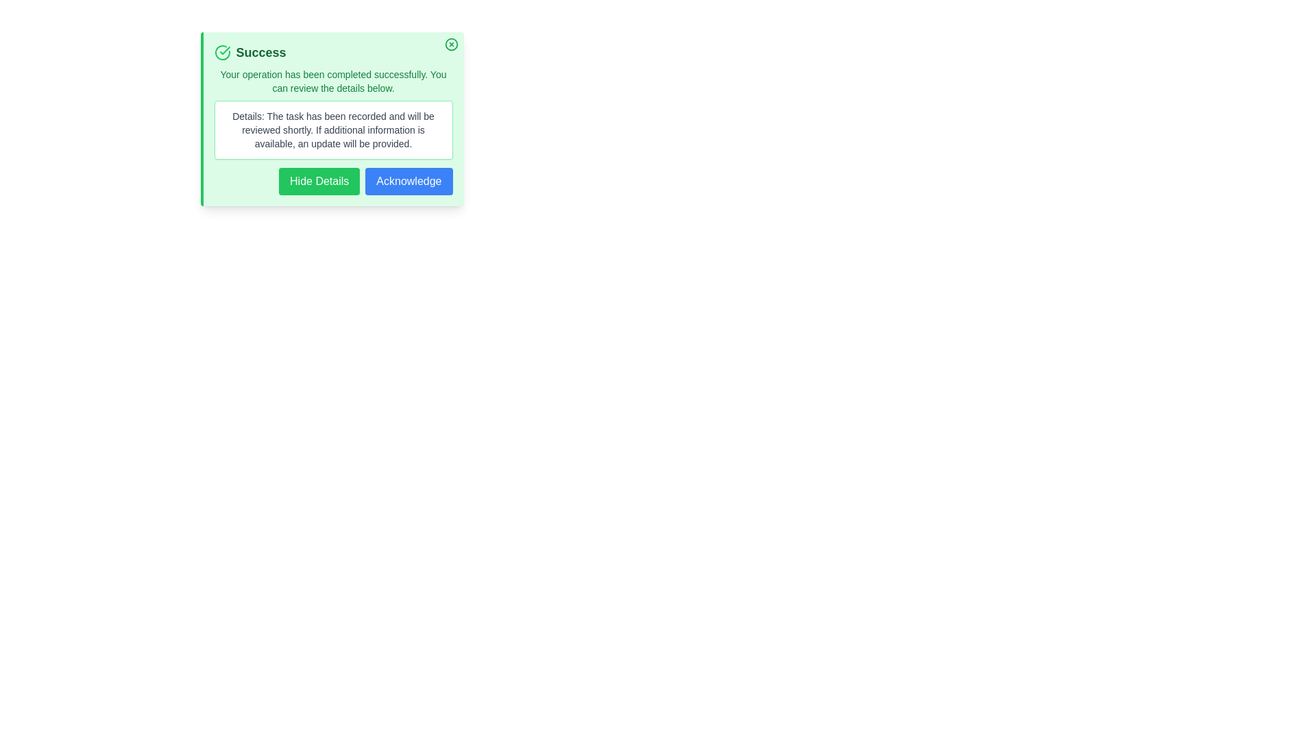  What do you see at coordinates (408, 181) in the screenshot?
I see `the 'Acknowledge' button to acknowledge the alert` at bounding box center [408, 181].